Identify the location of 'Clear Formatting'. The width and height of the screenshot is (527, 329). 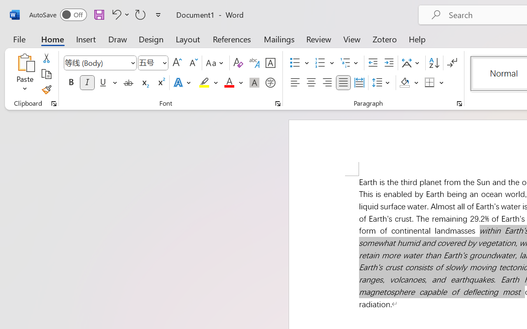
(238, 63).